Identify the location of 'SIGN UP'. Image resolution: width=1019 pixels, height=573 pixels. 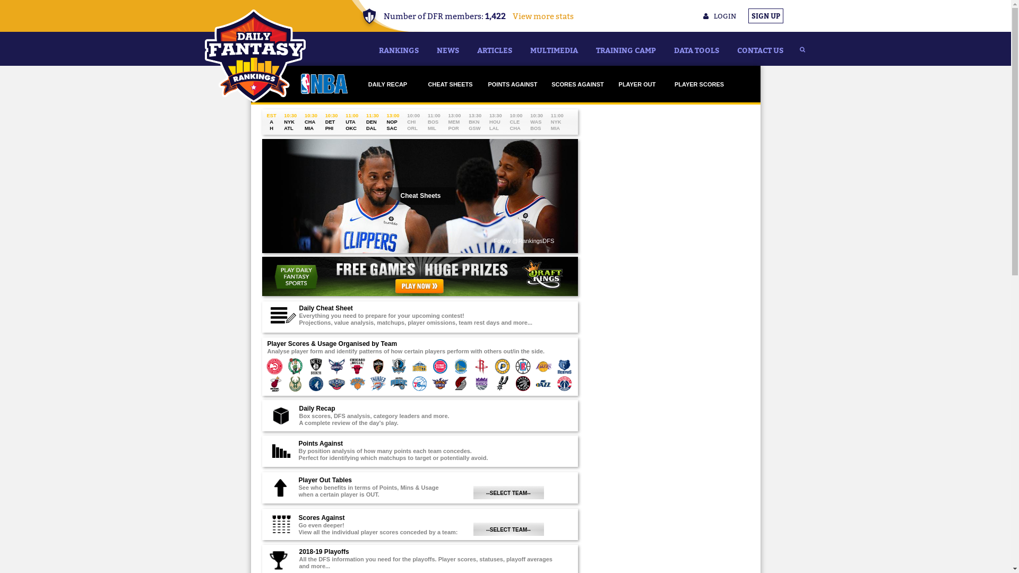
(766, 16).